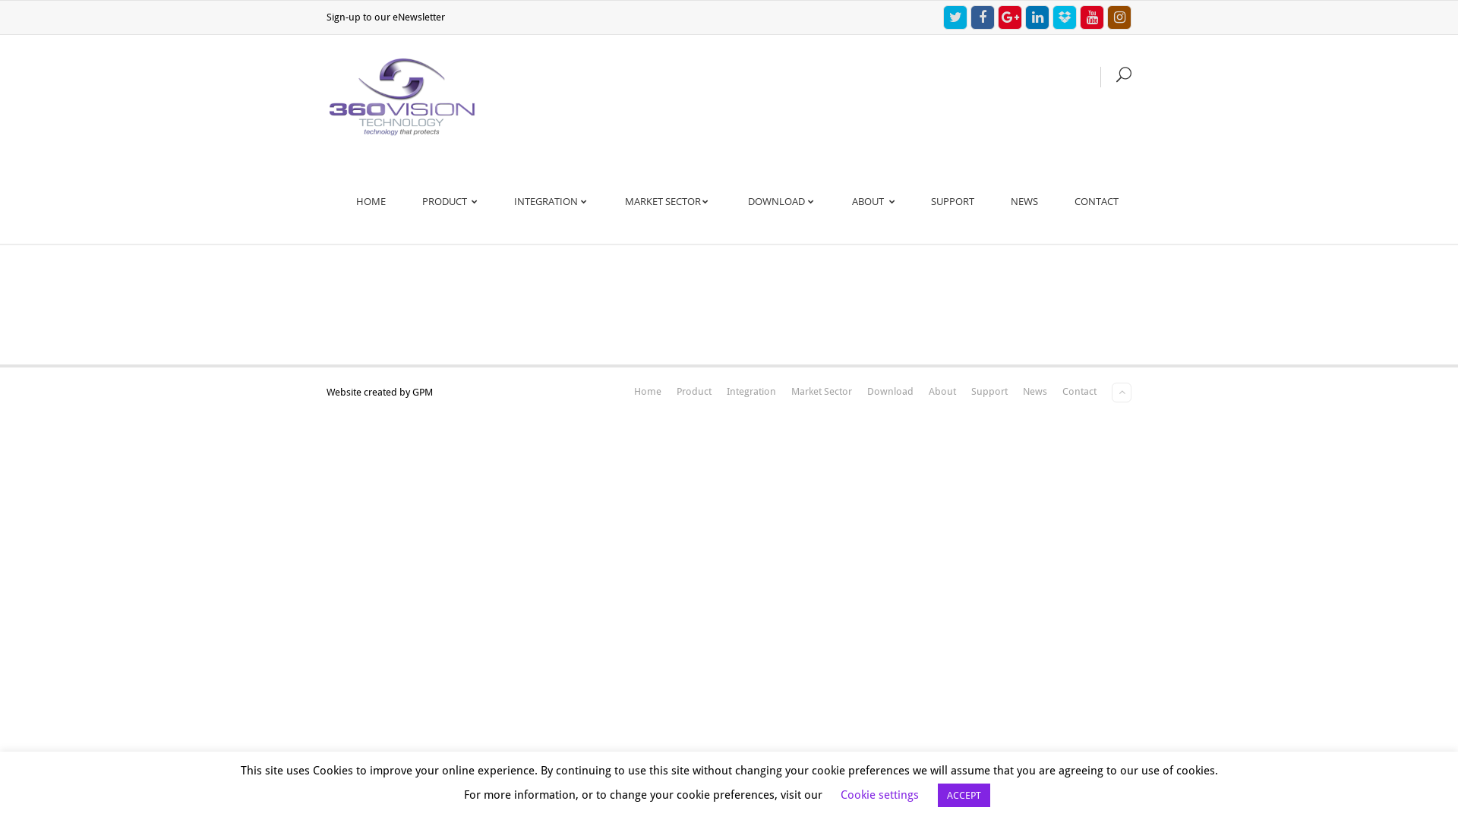 This screenshot has height=820, width=1458. Describe the element at coordinates (371, 200) in the screenshot. I see `'HOME'` at that location.